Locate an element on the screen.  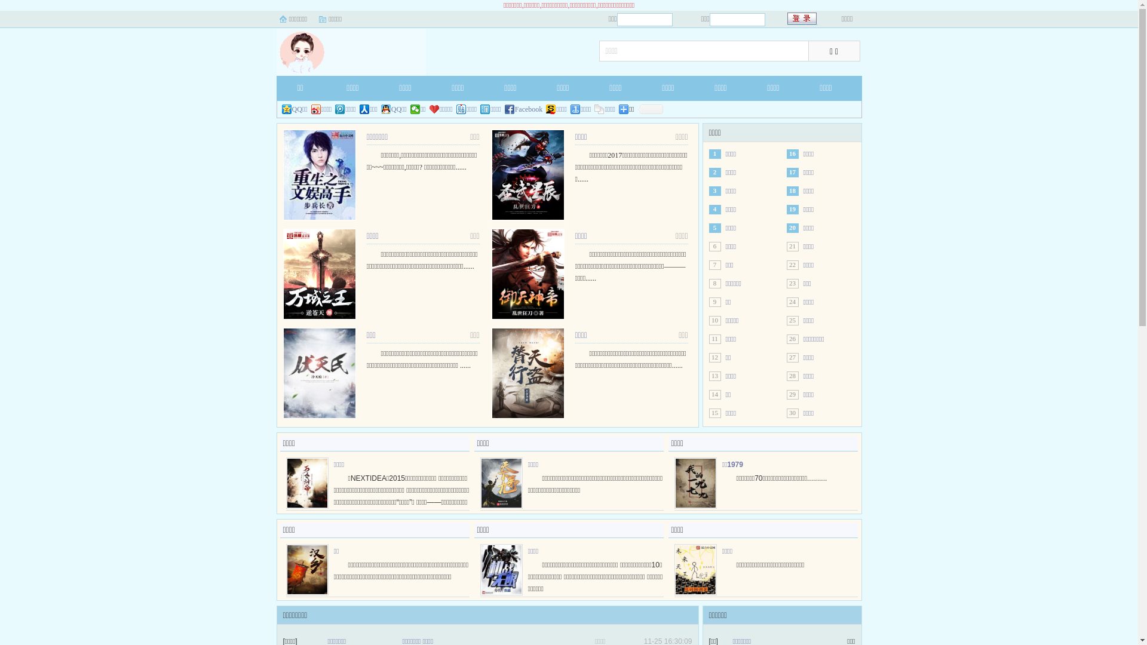
'Facebook' is located at coordinates (524, 109).